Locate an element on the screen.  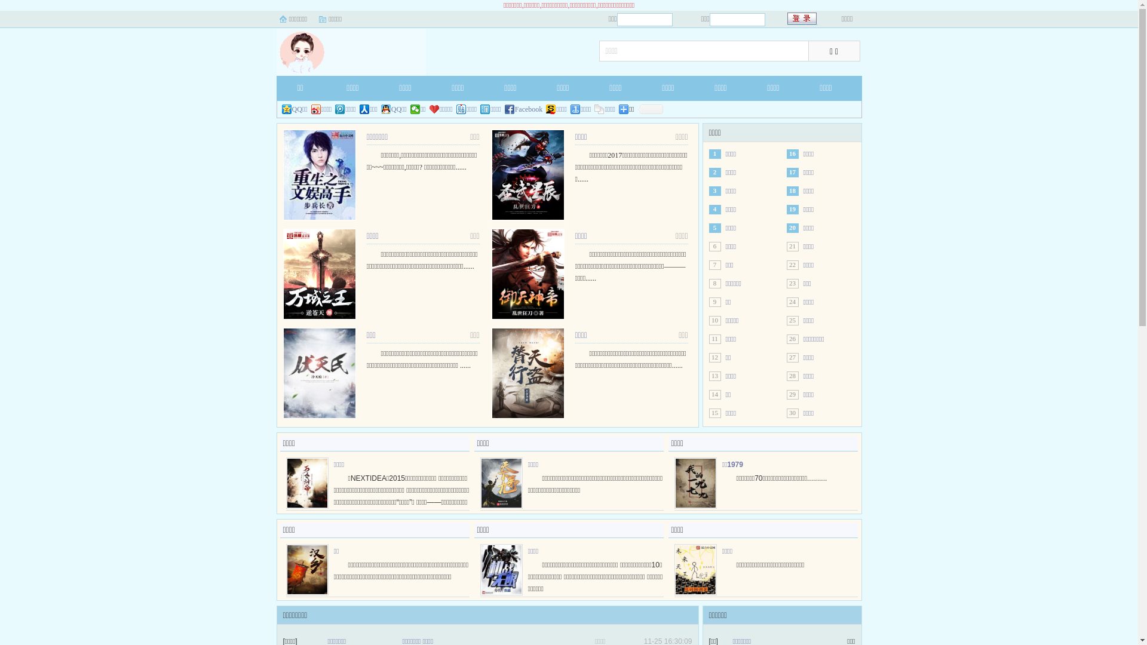
'Facebook' is located at coordinates (524, 109).